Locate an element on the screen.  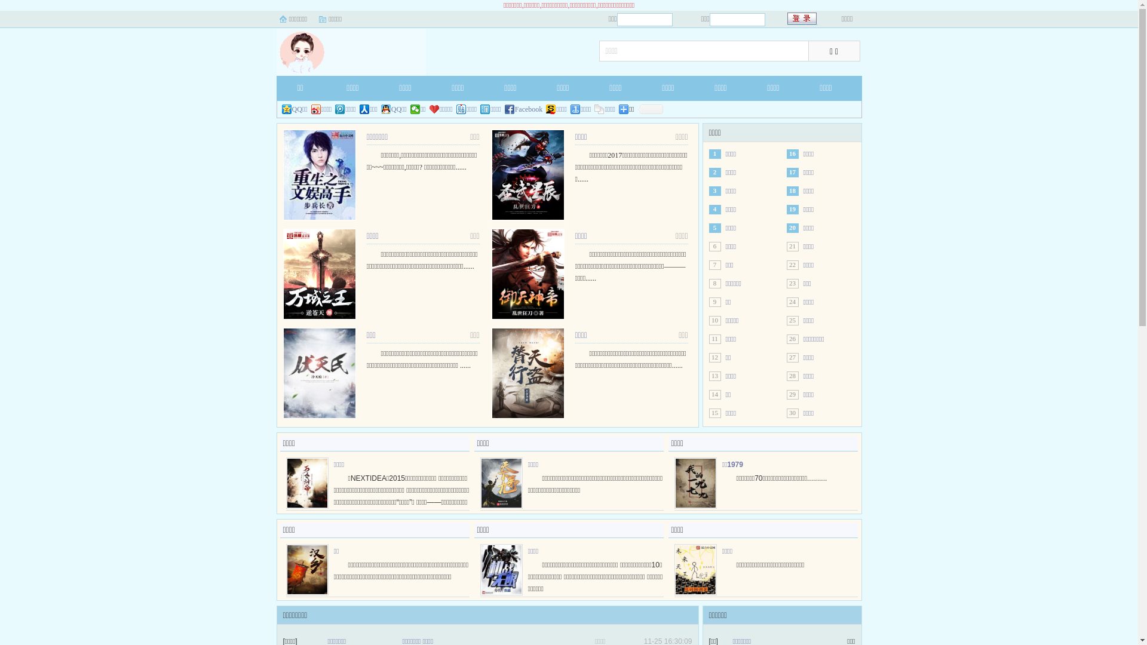
'Facebook' is located at coordinates (524, 109).